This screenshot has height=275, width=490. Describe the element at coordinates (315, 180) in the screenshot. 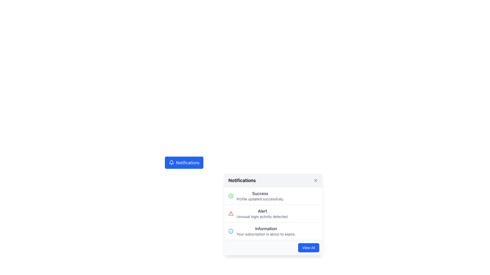

I see `the close button with an 'X' icon located at the top-right corner of the notification panel` at that location.